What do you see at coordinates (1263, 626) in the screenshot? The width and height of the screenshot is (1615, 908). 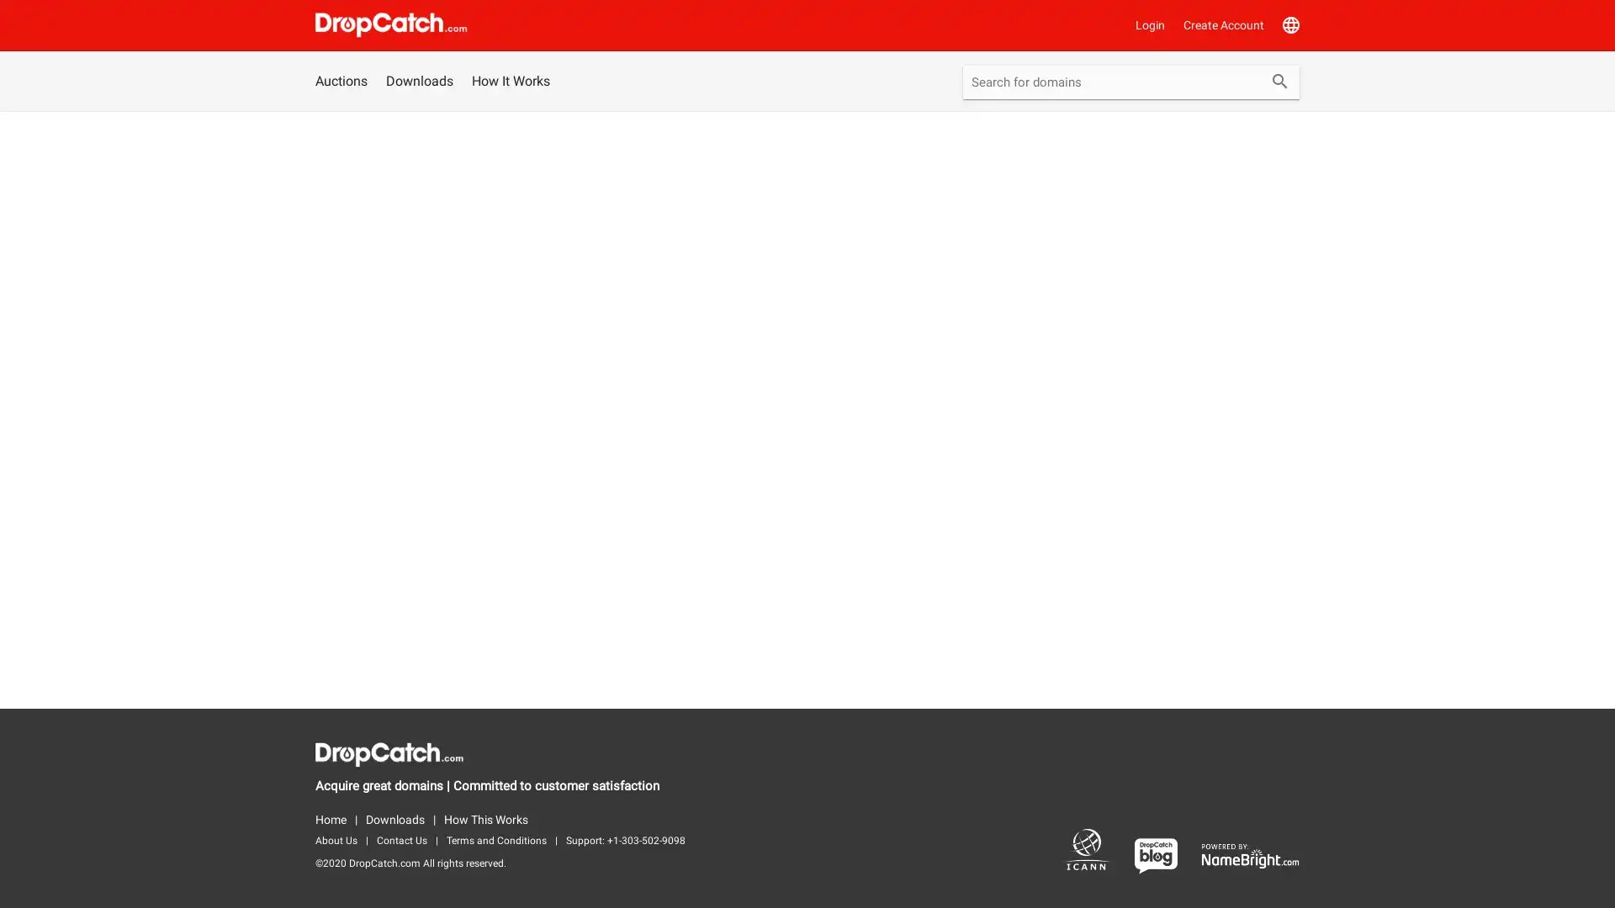 I see `Bid` at bounding box center [1263, 626].